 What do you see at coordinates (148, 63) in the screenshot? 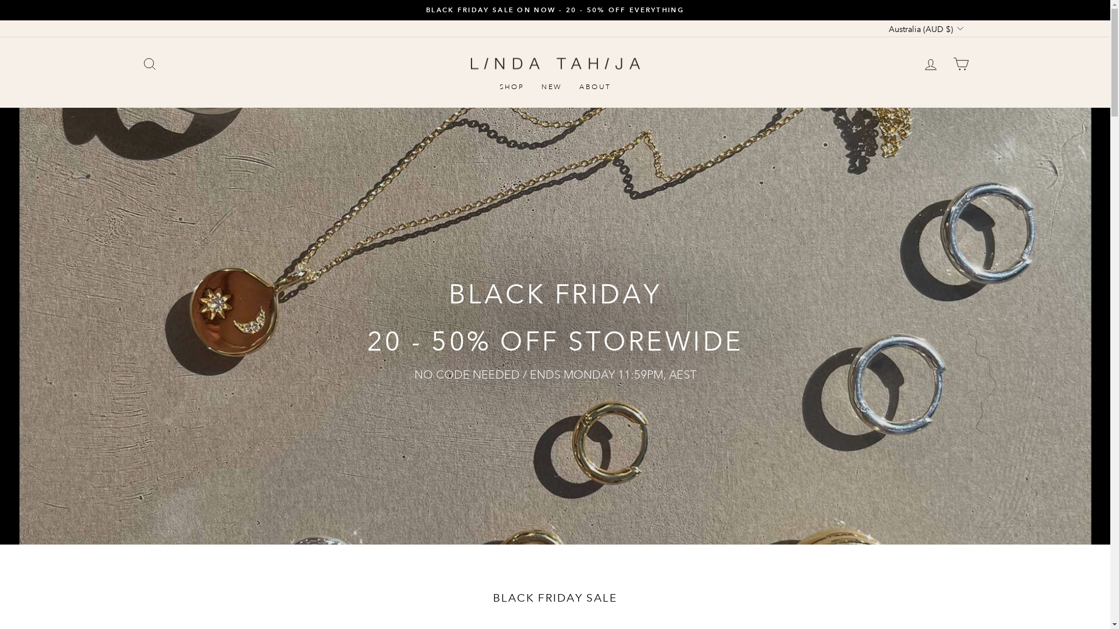
I see `'SEARCH'` at bounding box center [148, 63].